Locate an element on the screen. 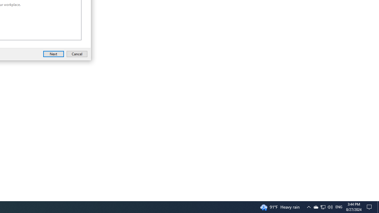  'Next' is located at coordinates (54, 54).